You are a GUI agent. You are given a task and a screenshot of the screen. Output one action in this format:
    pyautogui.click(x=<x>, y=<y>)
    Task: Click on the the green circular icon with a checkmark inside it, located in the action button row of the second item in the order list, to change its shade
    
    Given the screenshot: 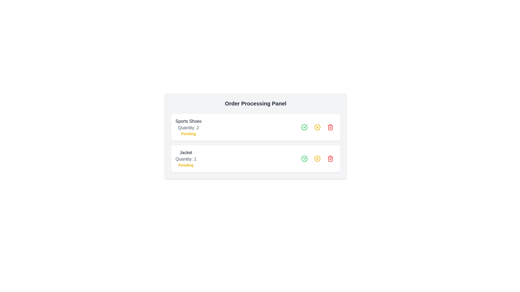 What is the action you would take?
    pyautogui.click(x=304, y=158)
    